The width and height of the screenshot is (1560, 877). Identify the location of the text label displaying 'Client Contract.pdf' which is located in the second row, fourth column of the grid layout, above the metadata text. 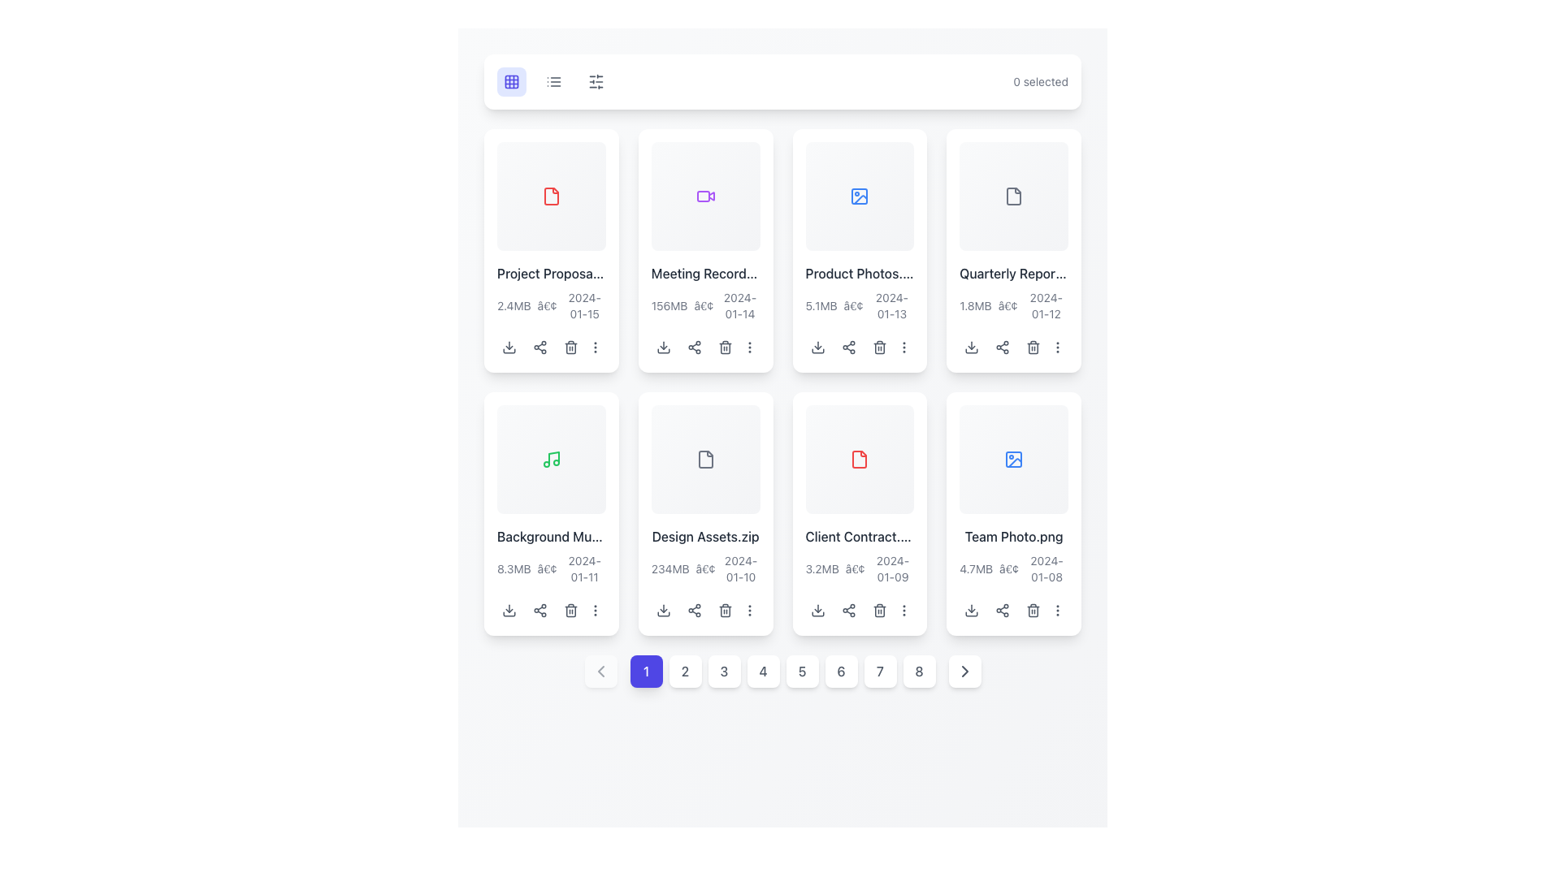
(859, 536).